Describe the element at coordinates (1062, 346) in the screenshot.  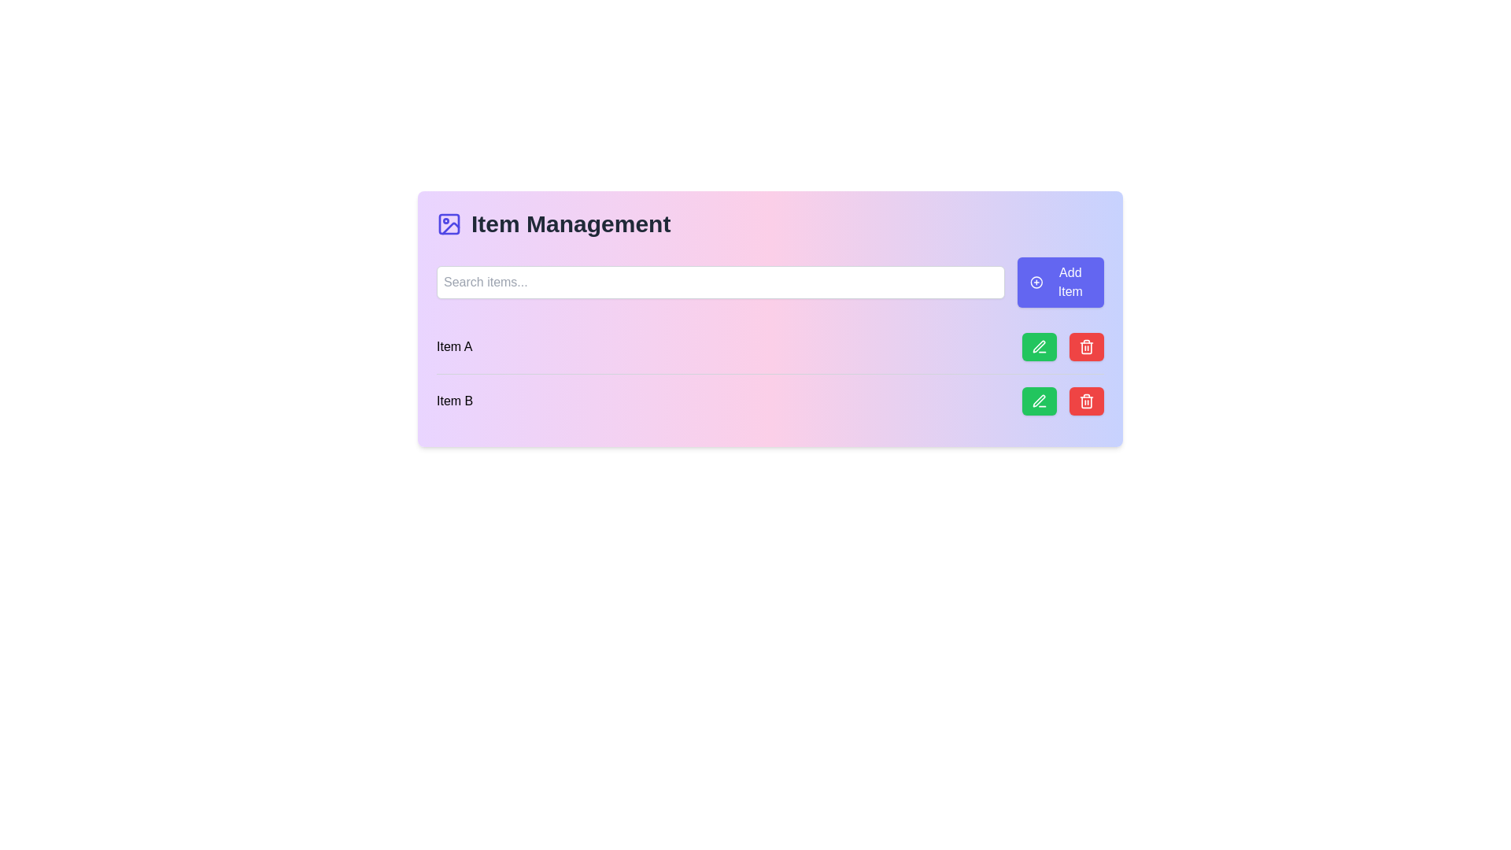
I see `the delete button located at the right end of the row containing 'Item A'` at that location.